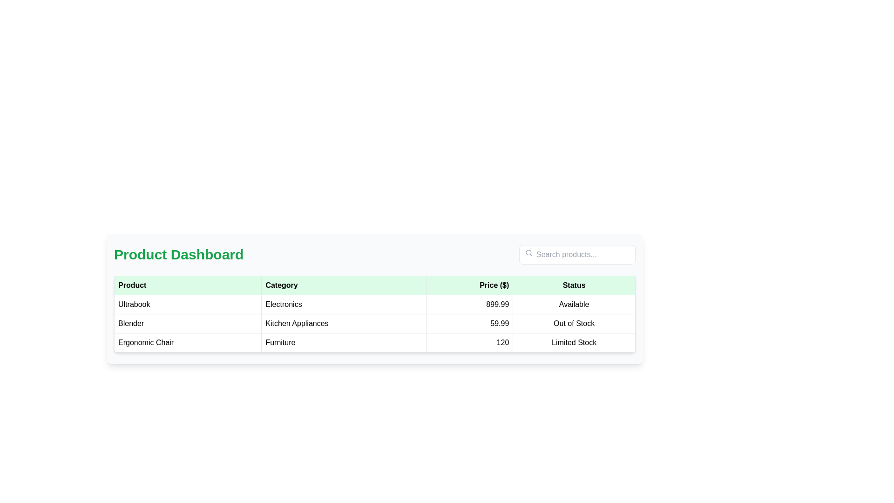 The image size is (894, 503). Describe the element at coordinates (529, 253) in the screenshot. I see `the gray magnifying glass icon located to the left of the 'Search products...' text input field in the search bar` at that location.